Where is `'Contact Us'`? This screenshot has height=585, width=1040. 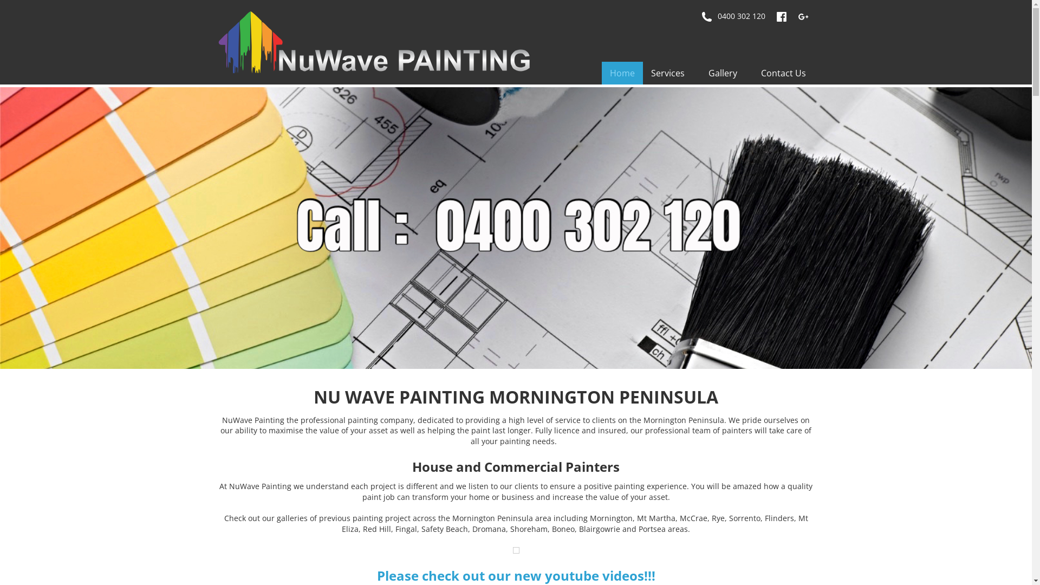
'Contact Us' is located at coordinates (783, 73).